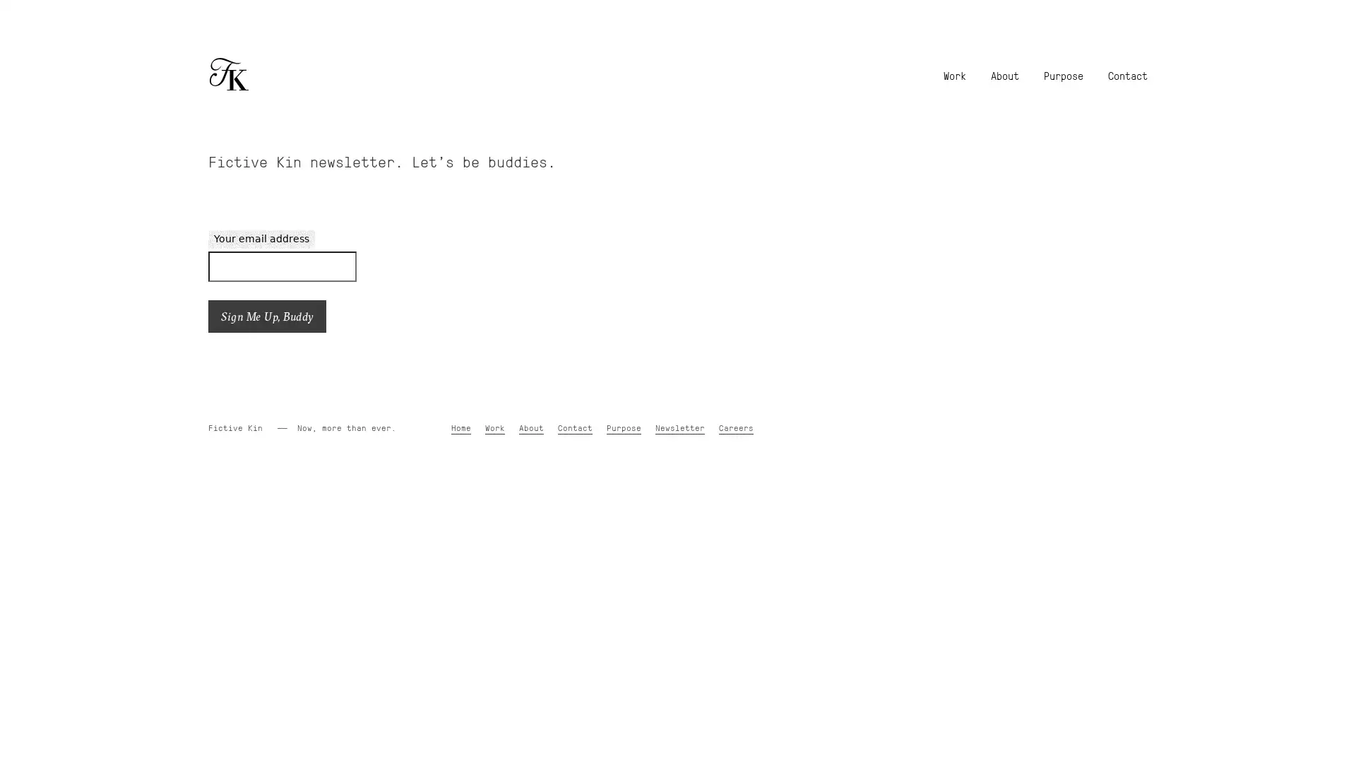 The image size is (1356, 763). I want to click on Sign Me Up, Buddy, so click(267, 315).